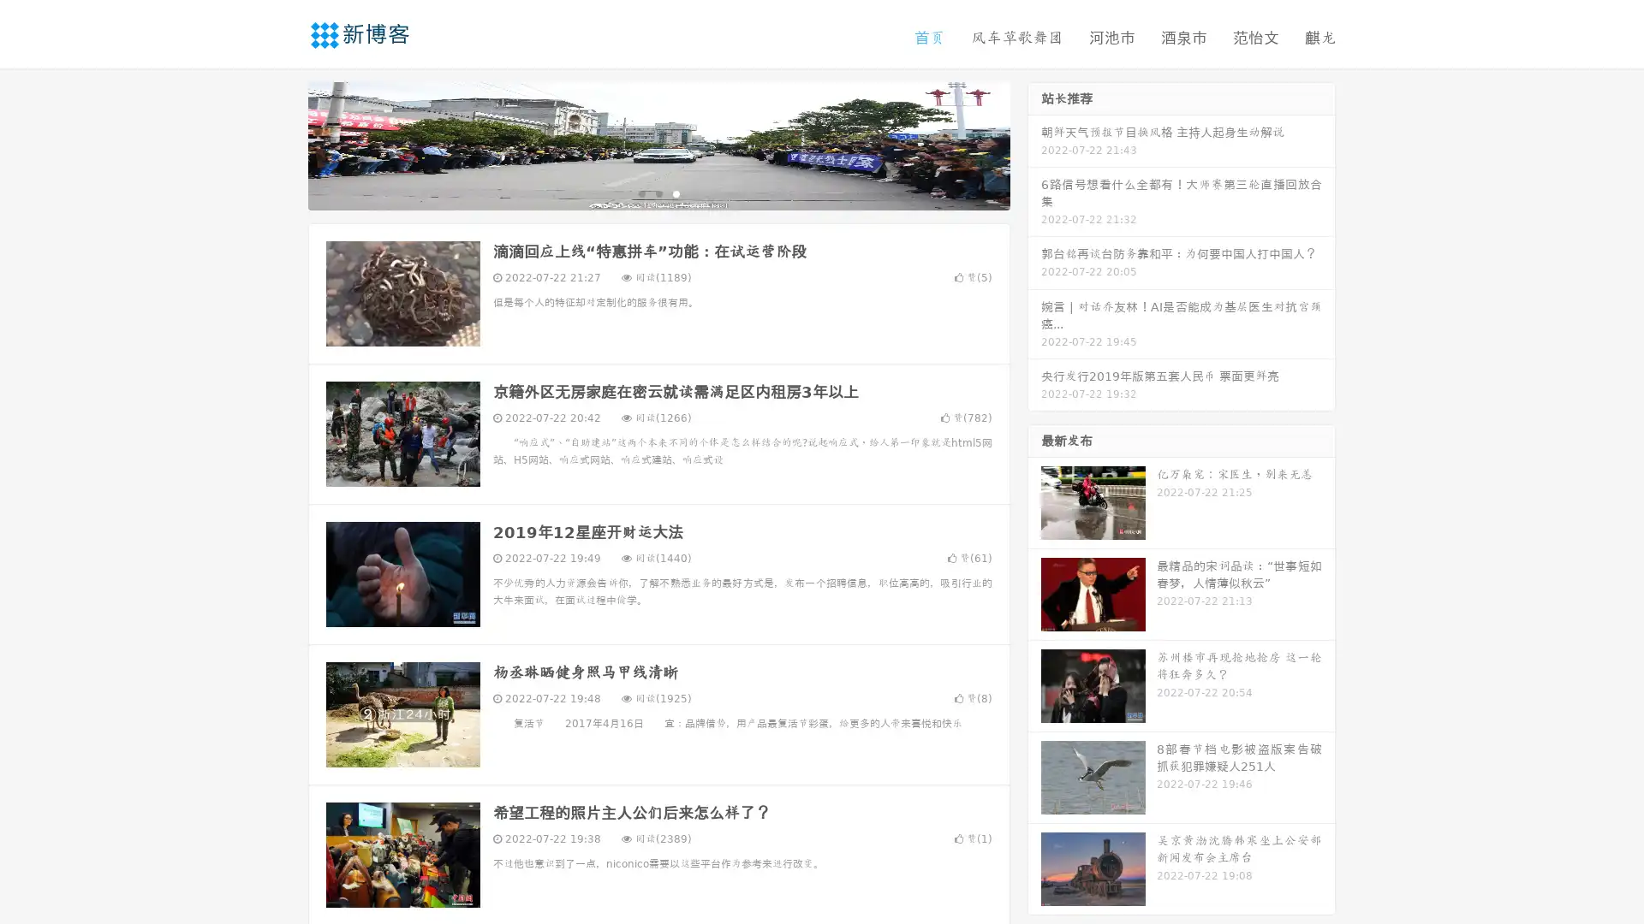 This screenshot has width=1644, height=924. Describe the element at coordinates (658, 192) in the screenshot. I see `Go to slide 2` at that location.